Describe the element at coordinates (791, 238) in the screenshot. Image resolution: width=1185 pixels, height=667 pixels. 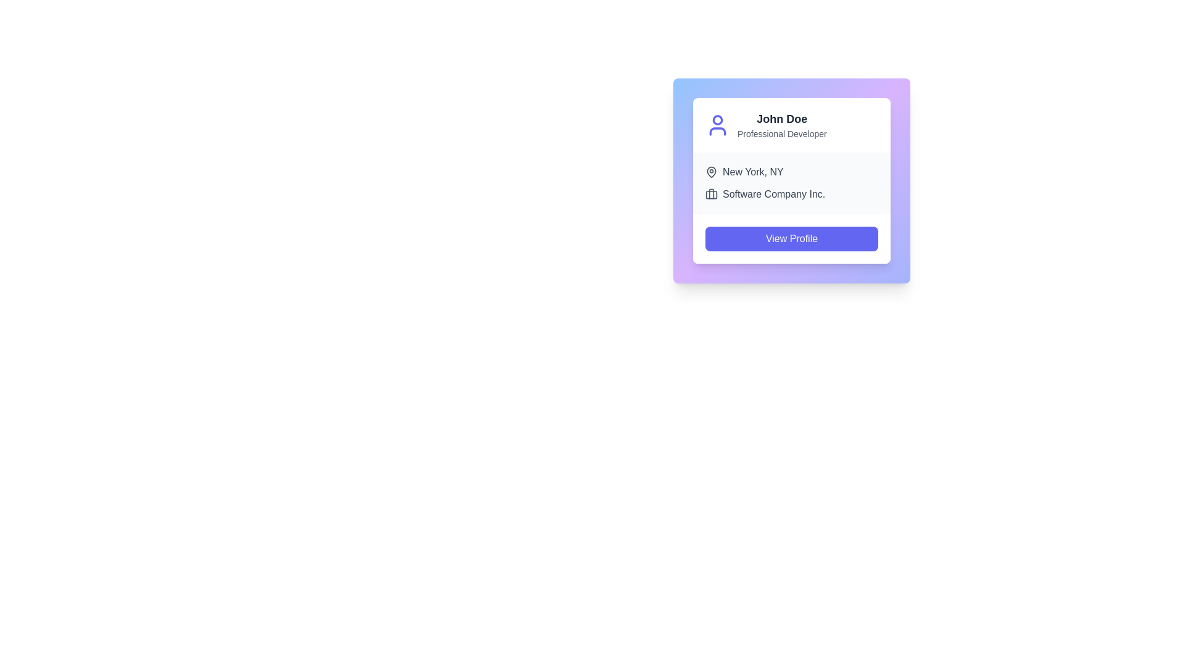
I see `the button located at the bottom of the card displaying user profile details for John Doe to observe the hover effect` at that location.